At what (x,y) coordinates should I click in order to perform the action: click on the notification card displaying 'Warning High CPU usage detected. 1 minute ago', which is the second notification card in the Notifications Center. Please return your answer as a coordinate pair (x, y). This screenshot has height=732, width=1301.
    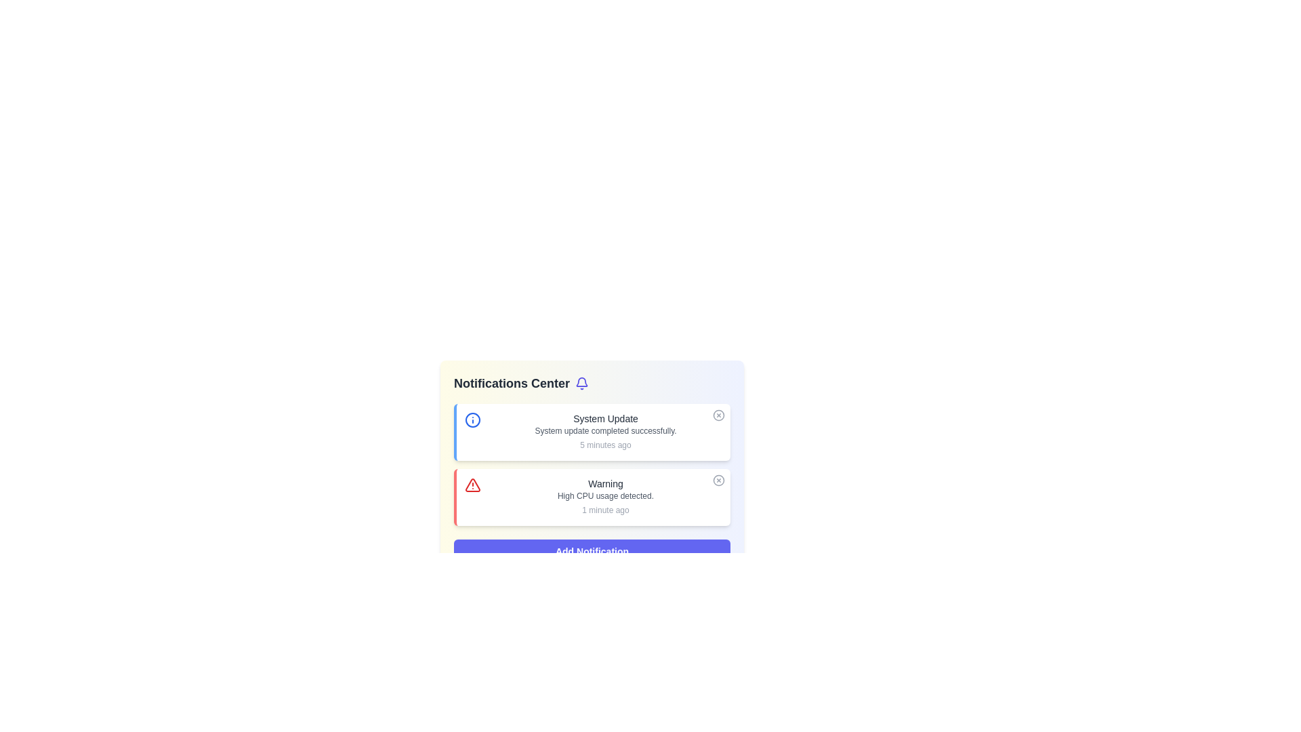
    Looking at the image, I should click on (604, 497).